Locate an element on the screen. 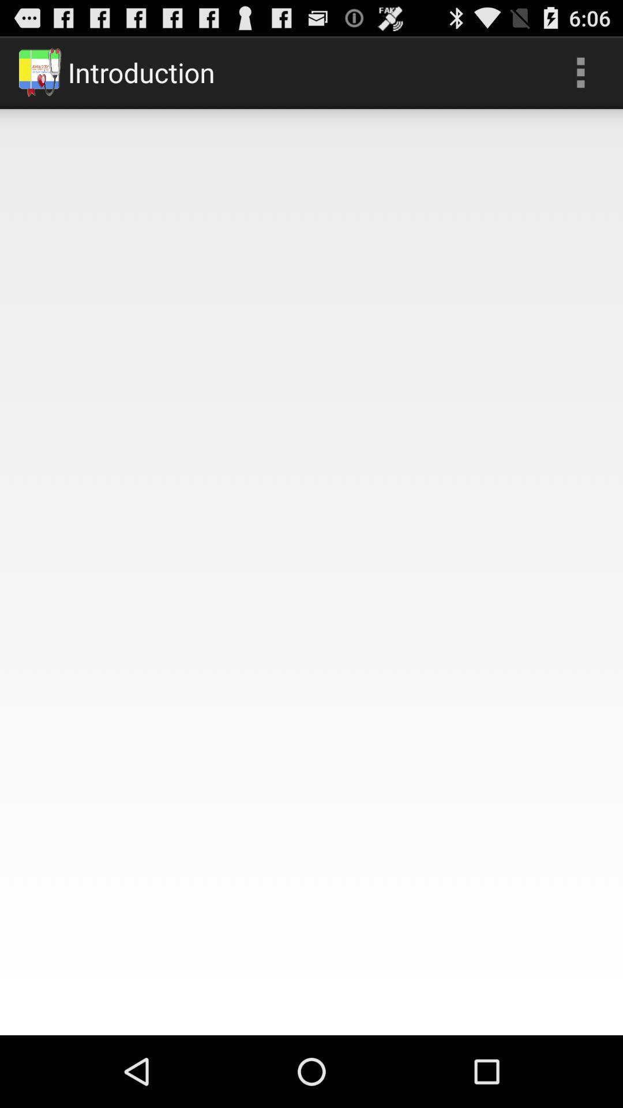 This screenshot has width=623, height=1108. item to the right of introduction app is located at coordinates (580, 72).